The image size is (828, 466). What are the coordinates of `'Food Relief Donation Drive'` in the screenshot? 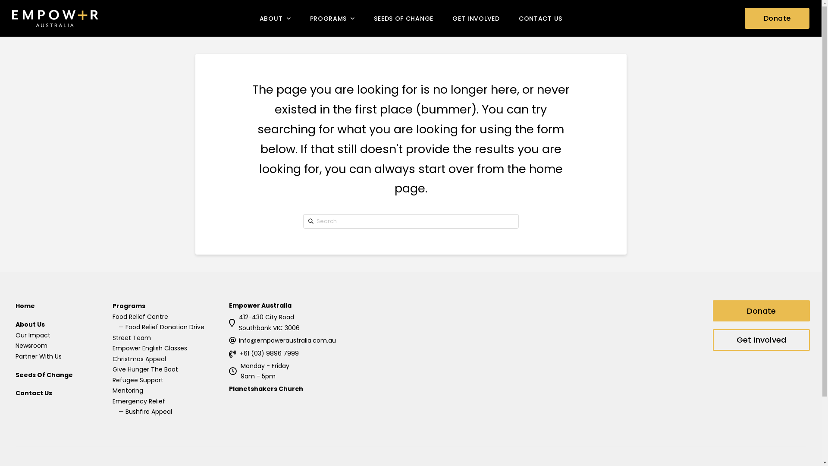 It's located at (165, 327).